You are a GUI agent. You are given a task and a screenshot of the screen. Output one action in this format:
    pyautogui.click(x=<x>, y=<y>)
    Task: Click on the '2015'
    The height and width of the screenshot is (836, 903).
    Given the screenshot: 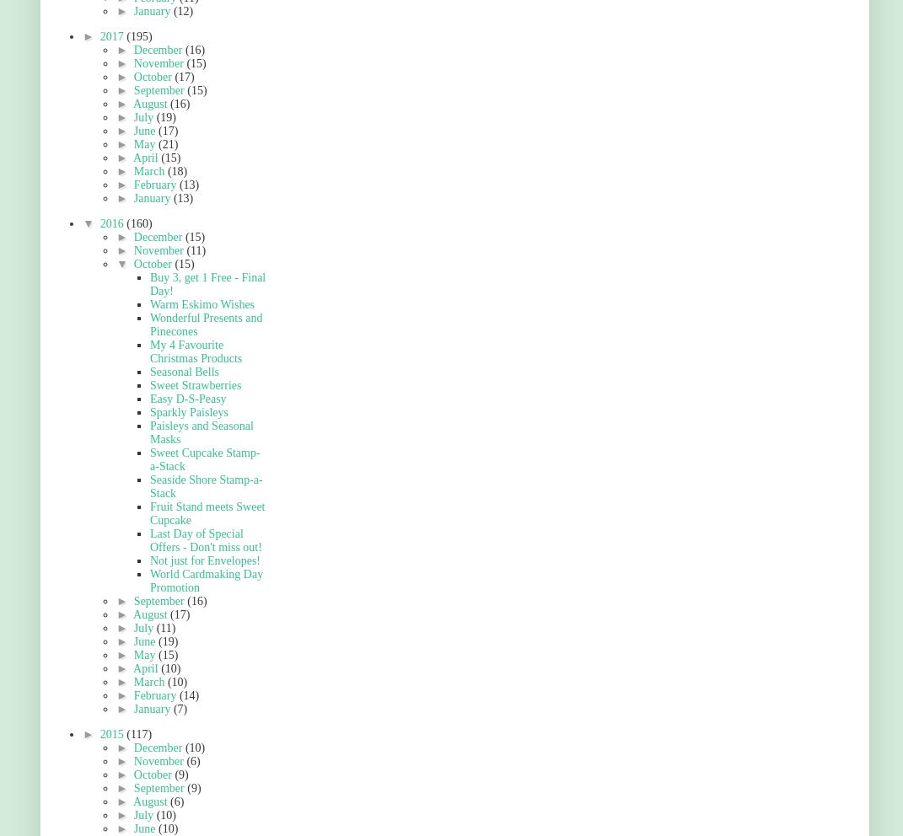 What is the action you would take?
    pyautogui.click(x=112, y=734)
    